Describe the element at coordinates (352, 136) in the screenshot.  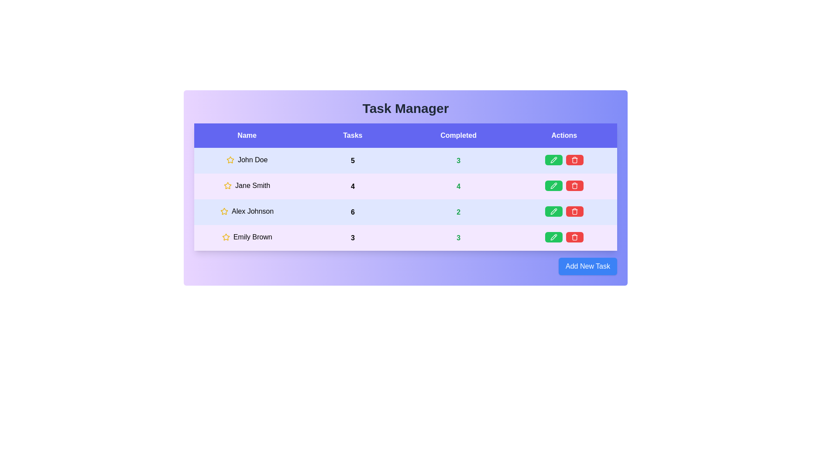
I see `the column header labeled Tasks to sort the table by that column` at that location.